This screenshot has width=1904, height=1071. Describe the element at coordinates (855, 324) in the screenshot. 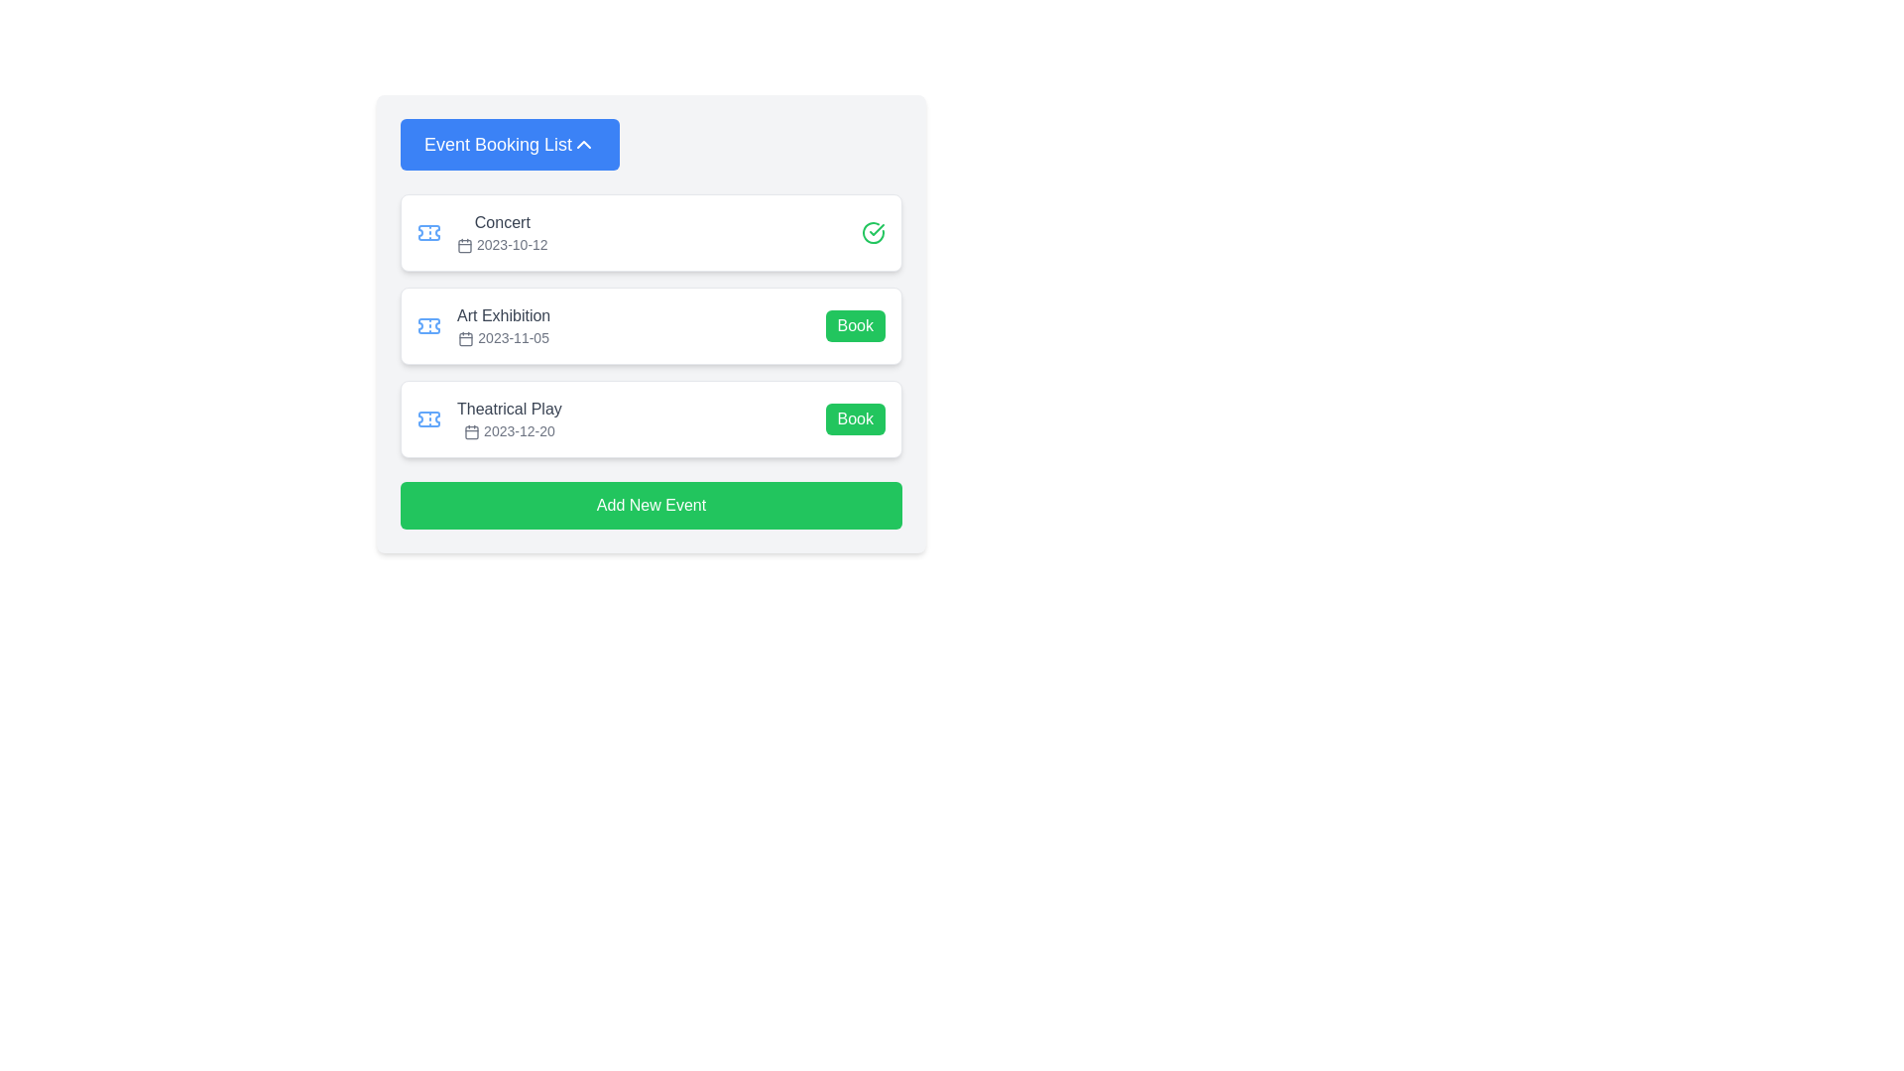

I see `the green 'Book' button with white text, located on the right side of the 'Art Exhibition' event entry row` at that location.